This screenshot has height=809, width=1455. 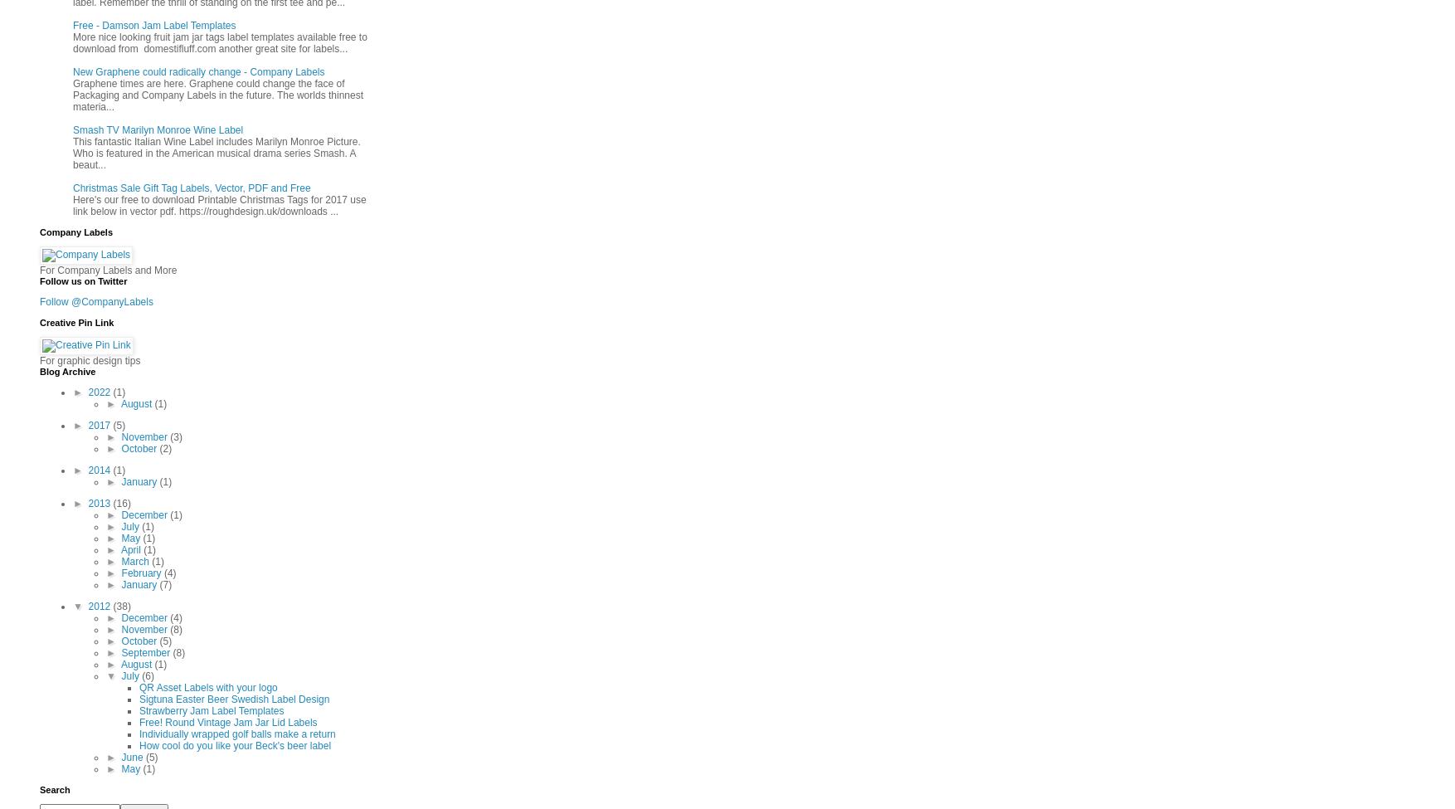 I want to click on '(6)', so click(x=141, y=675).